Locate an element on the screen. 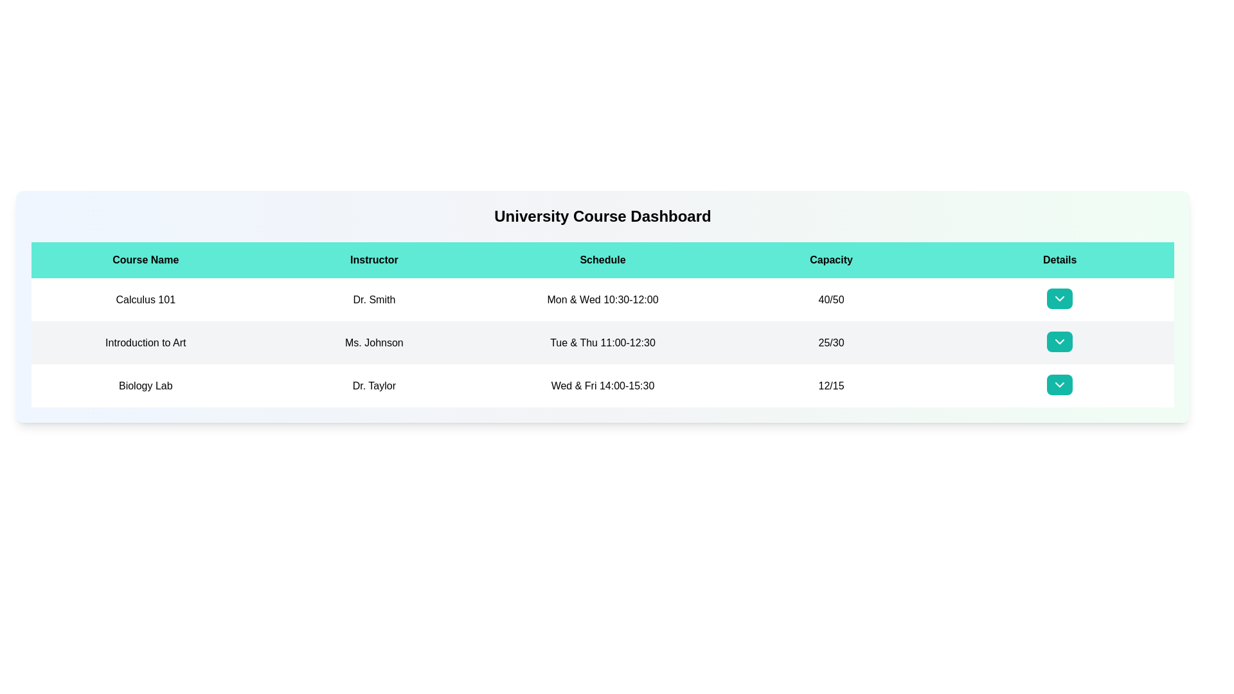  the Dropdown toggle button in the last column of the first row under the 'Details' header is located at coordinates (1060, 299).